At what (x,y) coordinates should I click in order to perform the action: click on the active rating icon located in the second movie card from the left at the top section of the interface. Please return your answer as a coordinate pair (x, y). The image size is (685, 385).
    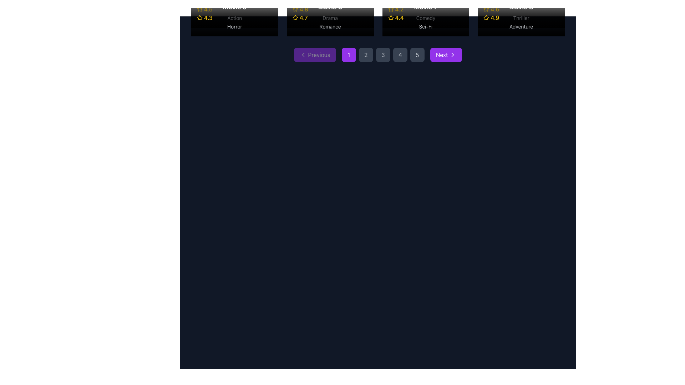
    Looking at the image, I should click on (295, 9).